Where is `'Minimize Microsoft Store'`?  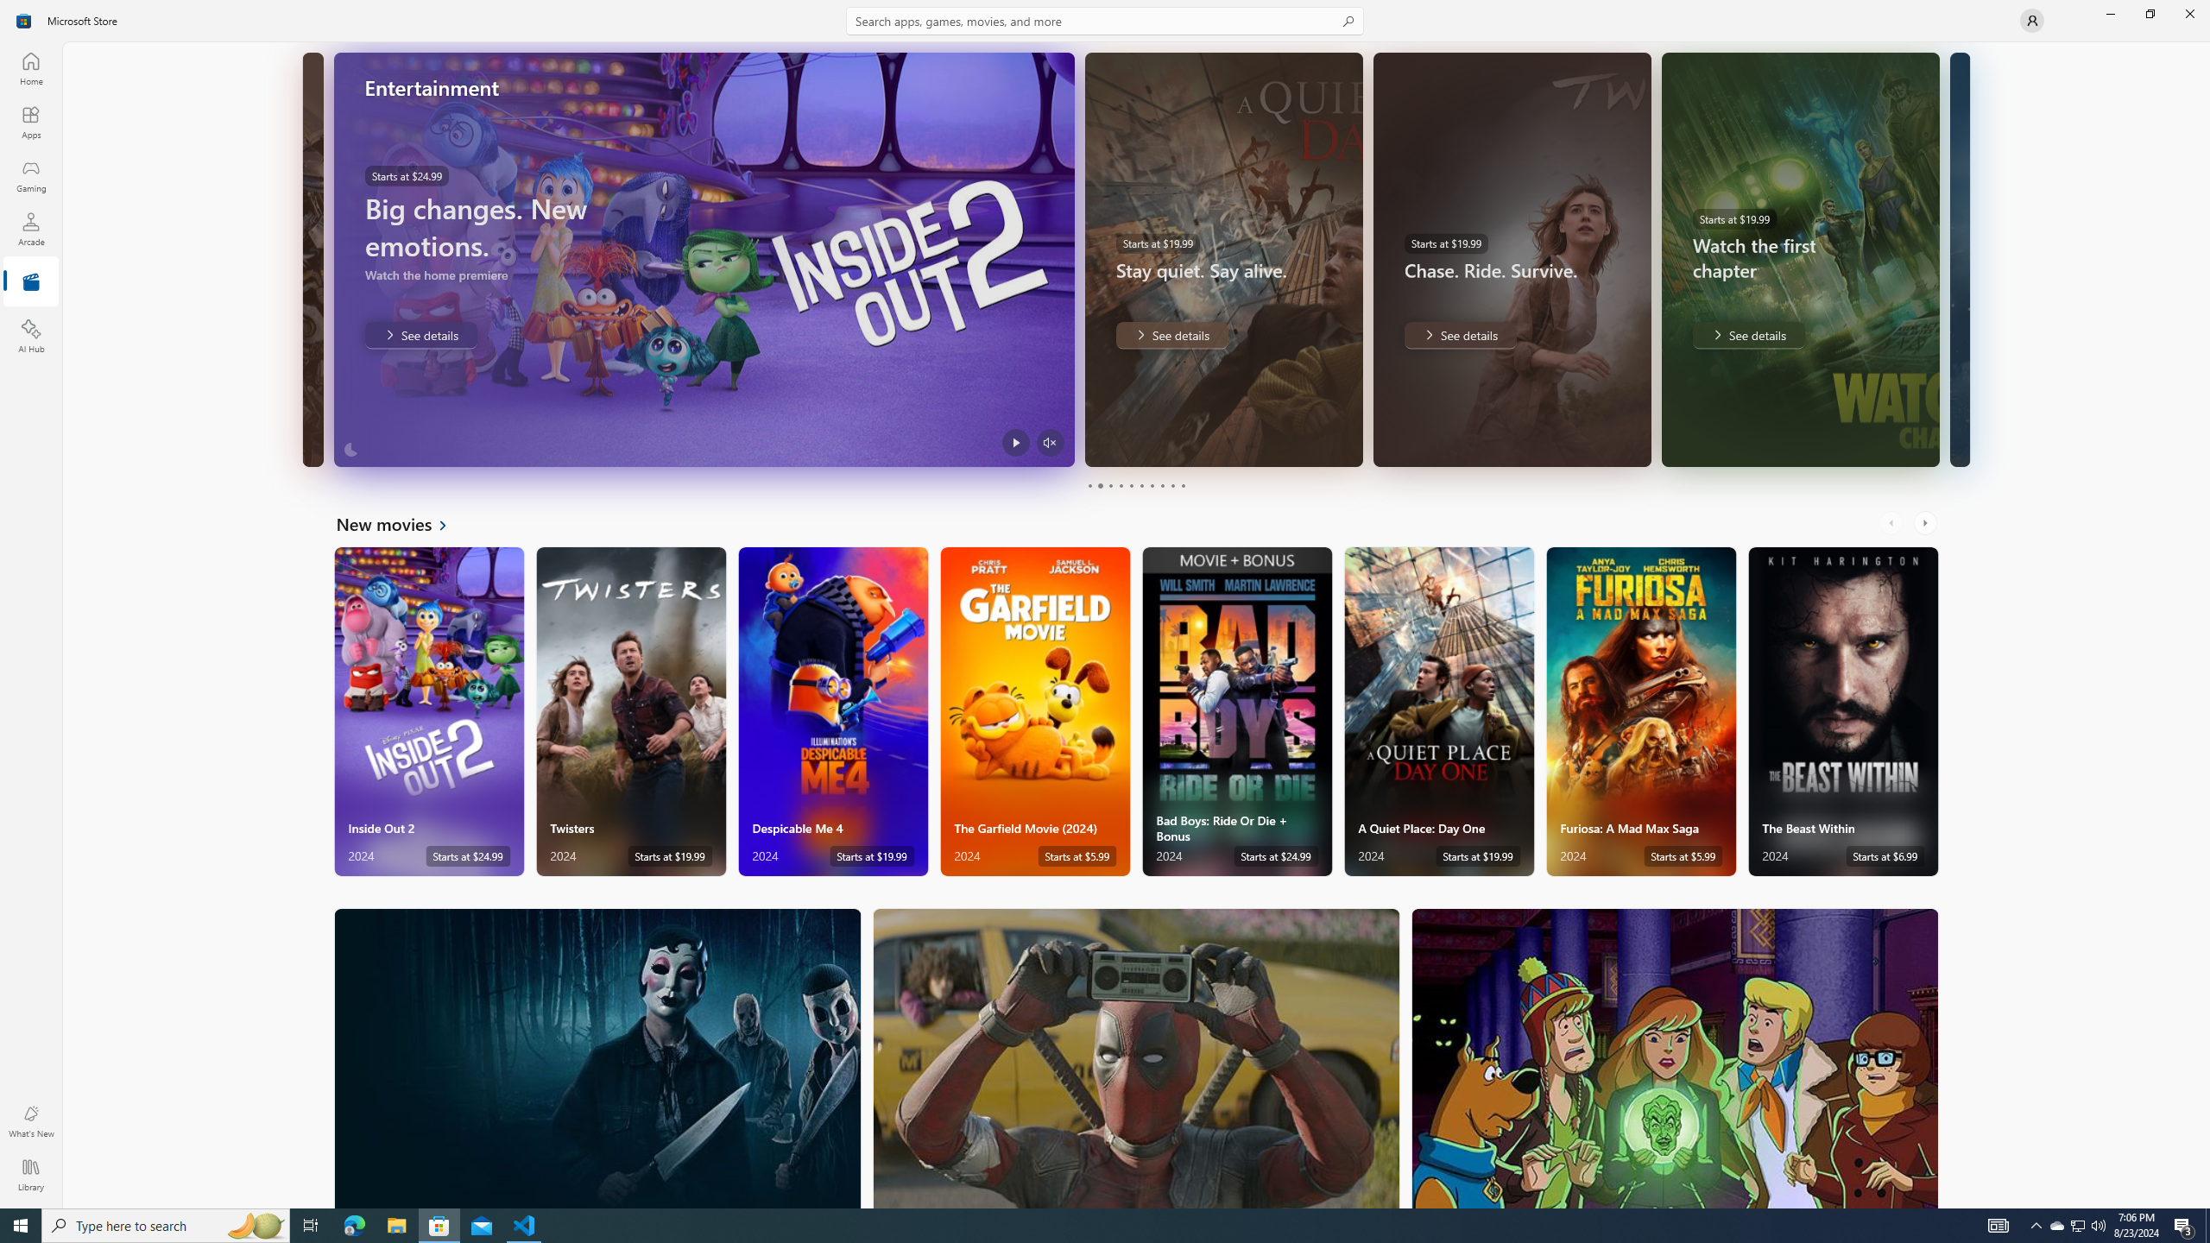 'Minimize Microsoft Store' is located at coordinates (2109, 13).